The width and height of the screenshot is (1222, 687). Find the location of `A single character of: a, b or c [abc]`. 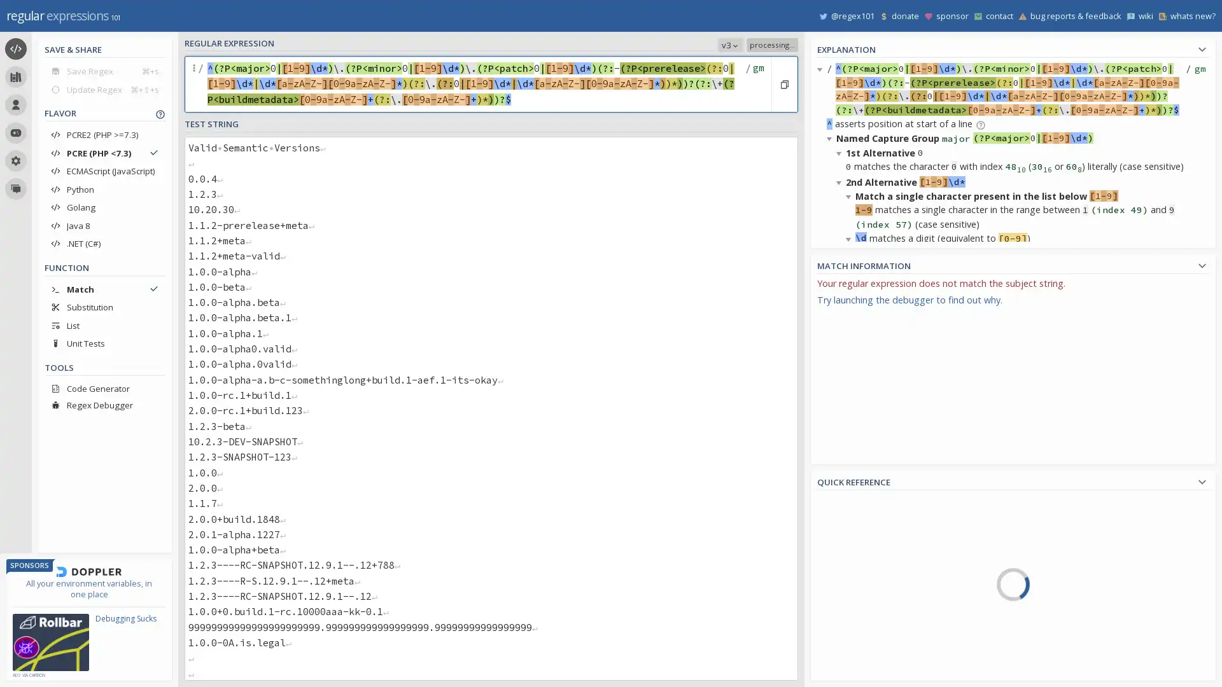

A single character of: a, b or c [abc] is located at coordinates (1076, 503).